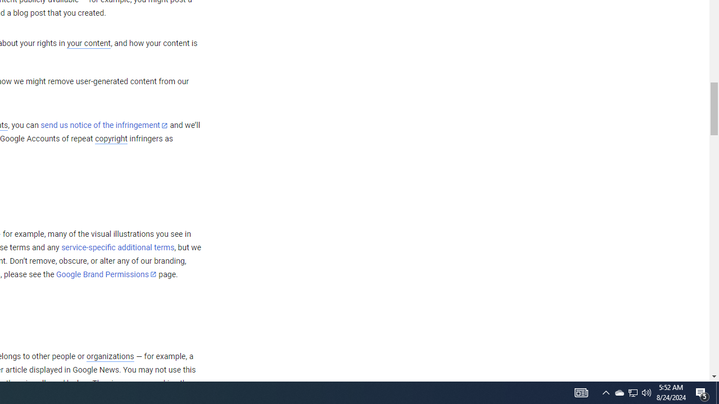 Image resolution: width=719 pixels, height=404 pixels. Describe the element at coordinates (110, 356) in the screenshot. I see `'organizations'` at that location.